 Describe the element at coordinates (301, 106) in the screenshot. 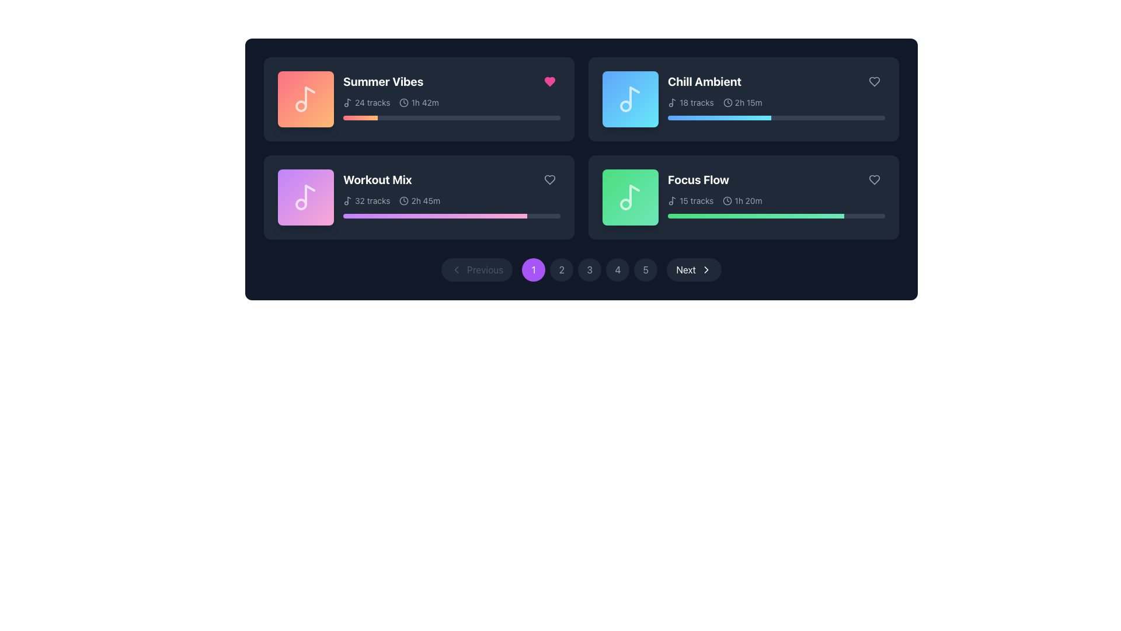

I see `the small circle within the SVG graphic that symbolizes a musical icon, located in the upper-left card labeled 'Summer Vibes'` at that location.